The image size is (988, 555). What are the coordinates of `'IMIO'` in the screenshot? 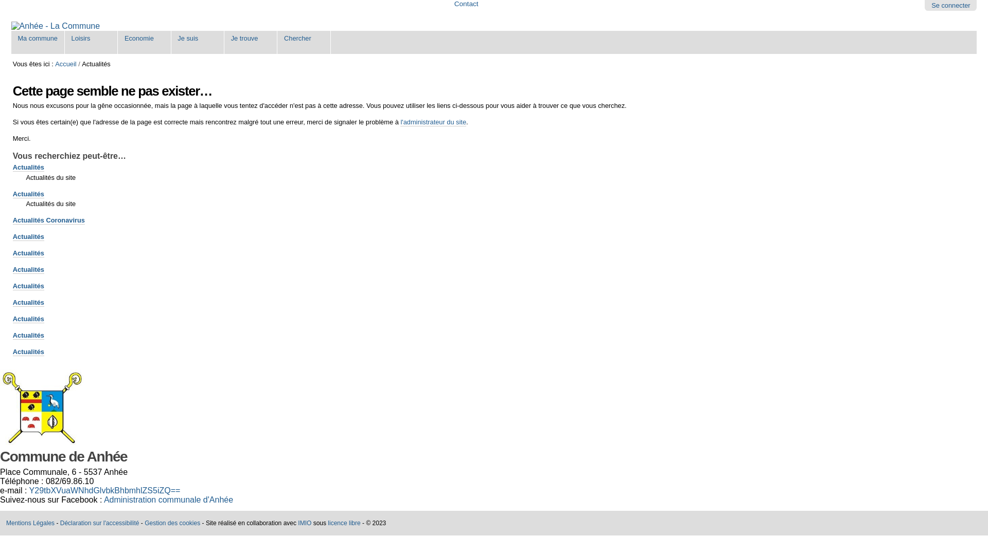 It's located at (304, 523).